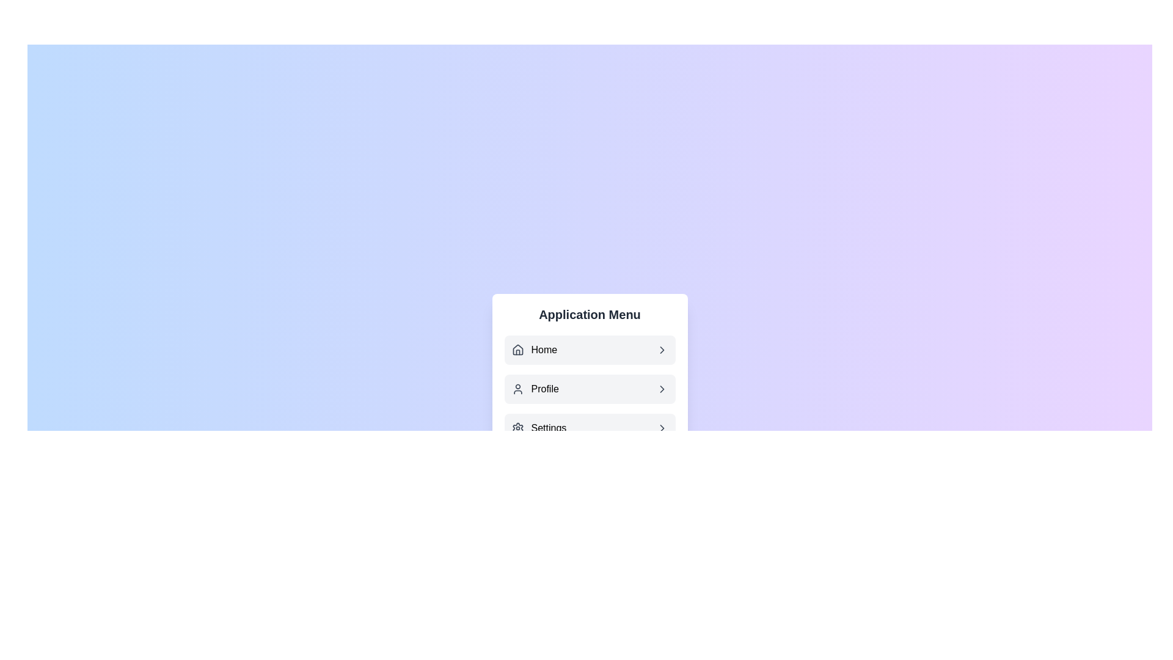  I want to click on the Chevron icon at the far-right of the 'Settings' menu item, so click(661, 428).